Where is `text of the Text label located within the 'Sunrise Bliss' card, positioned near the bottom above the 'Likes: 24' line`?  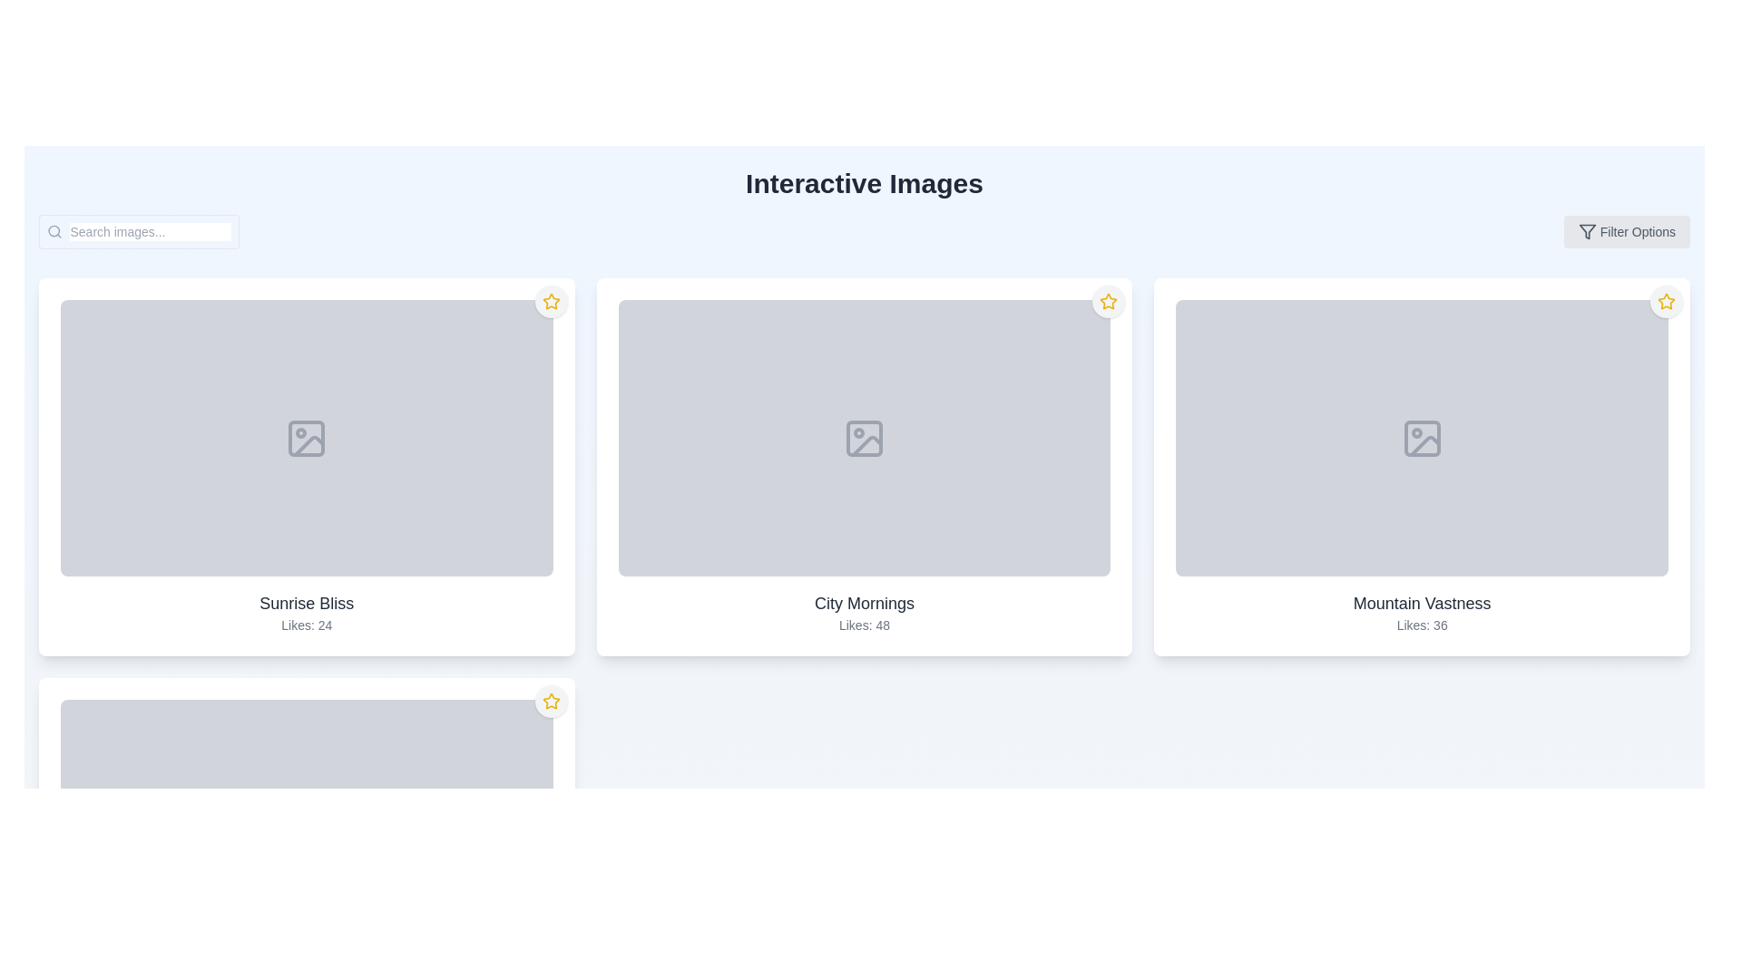 text of the Text label located within the 'Sunrise Bliss' card, positioned near the bottom above the 'Likes: 24' line is located at coordinates (307, 604).